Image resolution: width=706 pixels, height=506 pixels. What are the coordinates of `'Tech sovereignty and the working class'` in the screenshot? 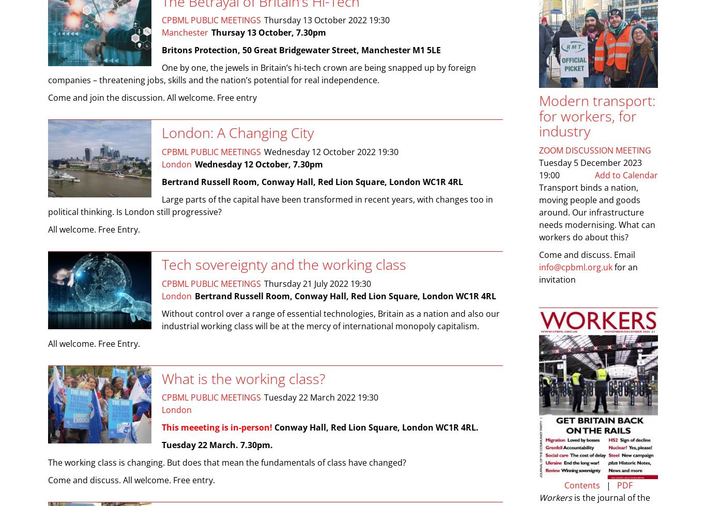 It's located at (284, 264).